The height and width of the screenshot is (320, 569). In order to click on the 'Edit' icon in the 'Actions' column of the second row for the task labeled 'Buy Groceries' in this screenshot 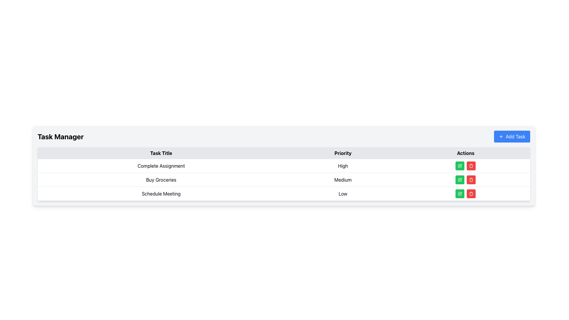, I will do `click(460, 179)`.